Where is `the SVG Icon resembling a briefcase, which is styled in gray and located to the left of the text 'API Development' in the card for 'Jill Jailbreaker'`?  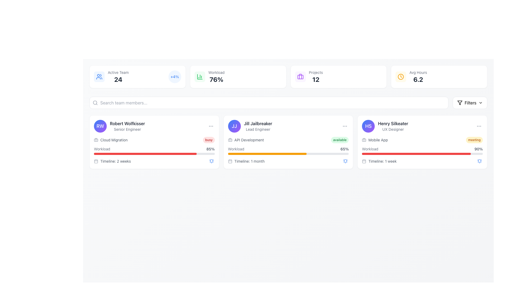
the SVG Icon resembling a briefcase, which is styled in gray and located to the left of the text 'API Development' in the card for 'Jill Jailbreaker' is located at coordinates (230, 140).